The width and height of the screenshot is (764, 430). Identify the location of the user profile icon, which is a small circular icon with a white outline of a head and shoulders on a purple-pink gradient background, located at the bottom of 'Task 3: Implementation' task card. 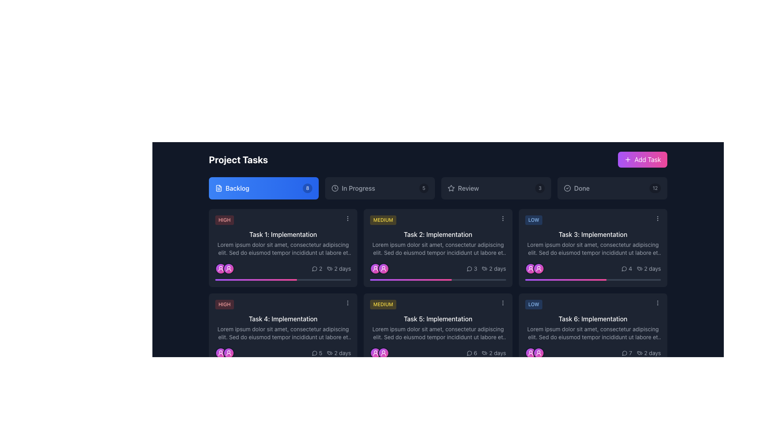
(530, 269).